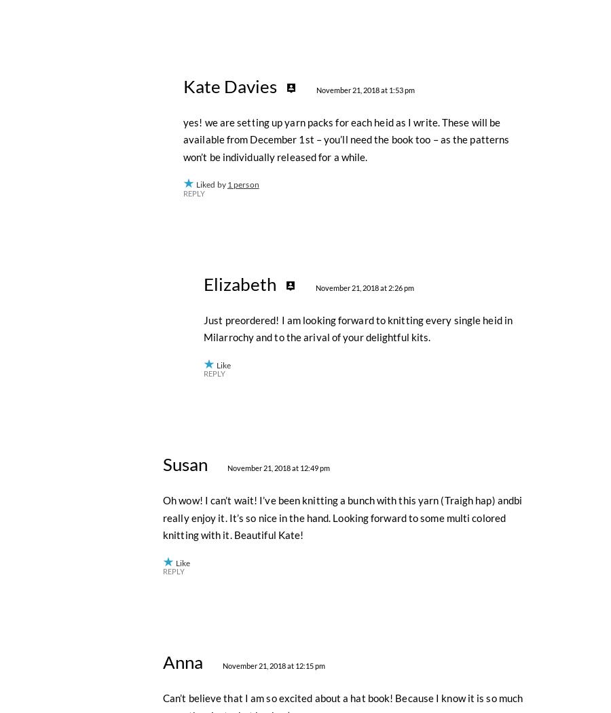 The height and width of the screenshot is (713, 611). Describe the element at coordinates (221, 65) in the screenshot. I see `'Amazing!!  I want them all!'` at that location.